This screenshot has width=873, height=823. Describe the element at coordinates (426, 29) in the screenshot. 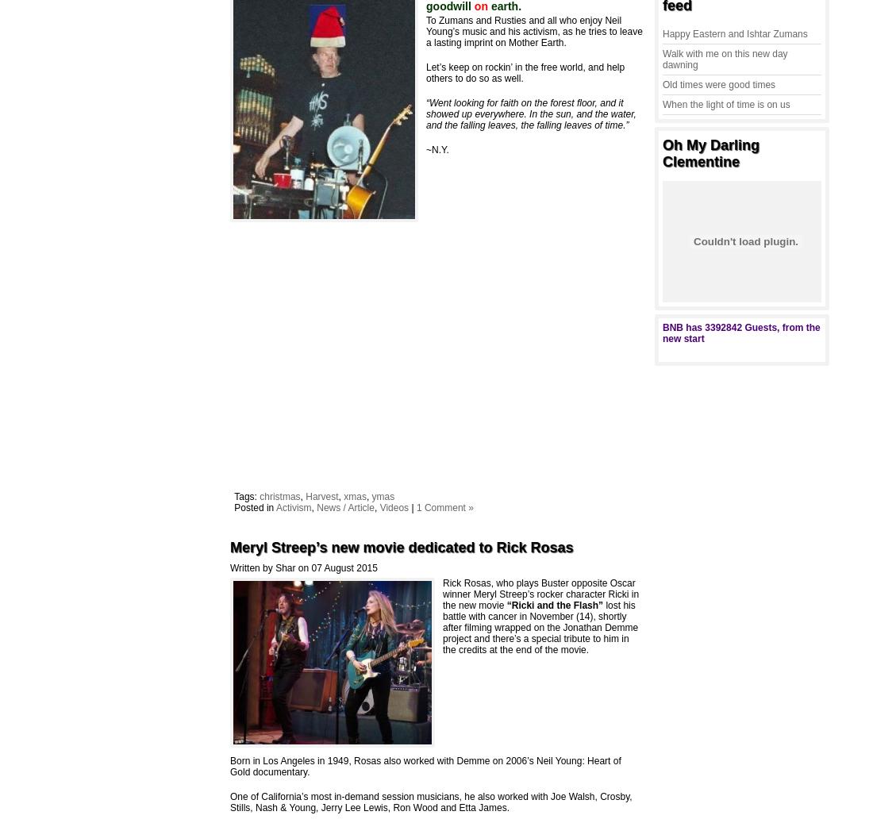

I see `'To Zumans and Rusties and all who enjoy Neil Young’s music and his activism, as he tries to leave a lasting imprint on Mother Earth.'` at that location.